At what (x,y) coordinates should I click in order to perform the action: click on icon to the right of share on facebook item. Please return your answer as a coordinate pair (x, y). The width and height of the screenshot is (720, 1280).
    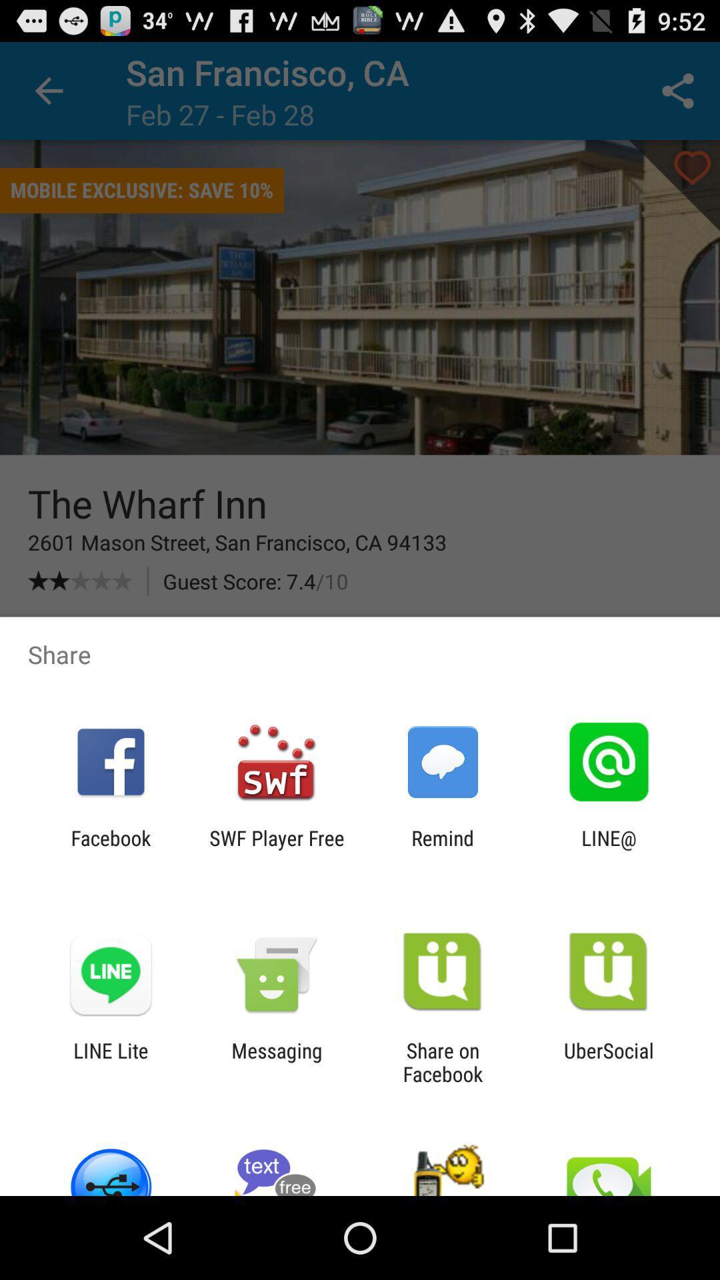
    Looking at the image, I should click on (609, 1061).